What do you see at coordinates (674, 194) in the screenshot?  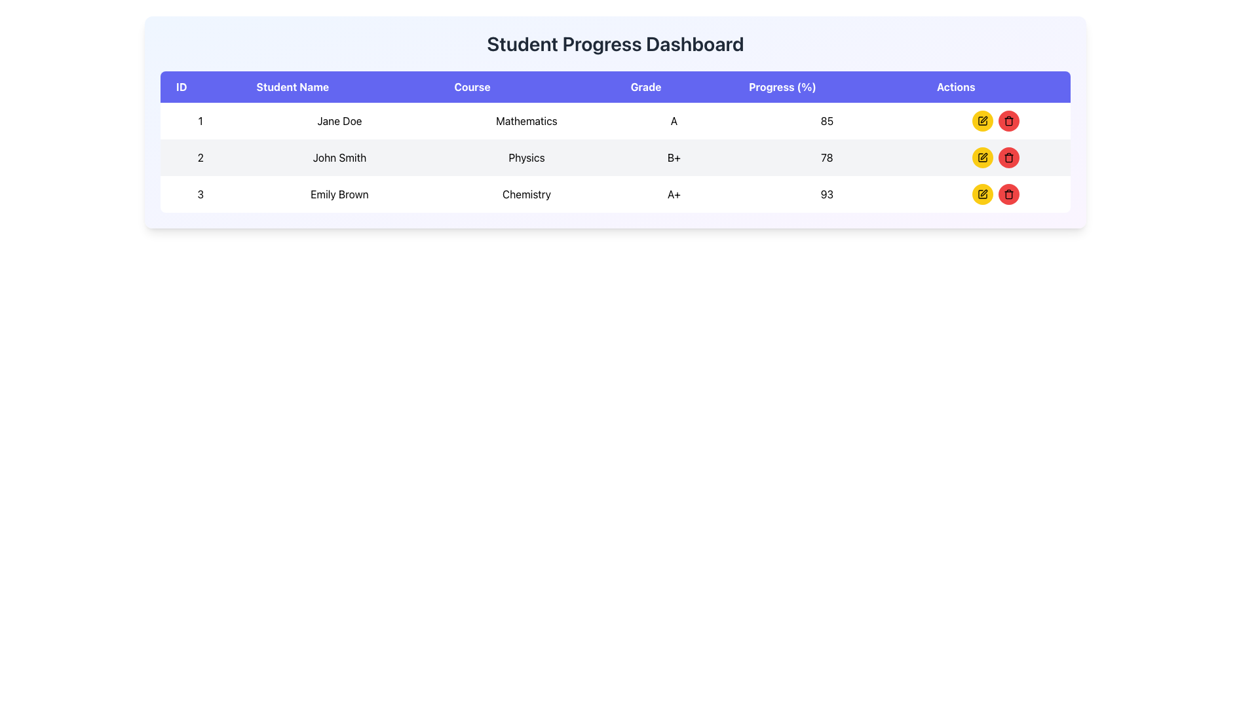 I see `the text label displaying the grade (A+) for Emily Brown in the Chemistry subject, located in the grade column of the table, specifically in row labeled '3'` at bounding box center [674, 194].